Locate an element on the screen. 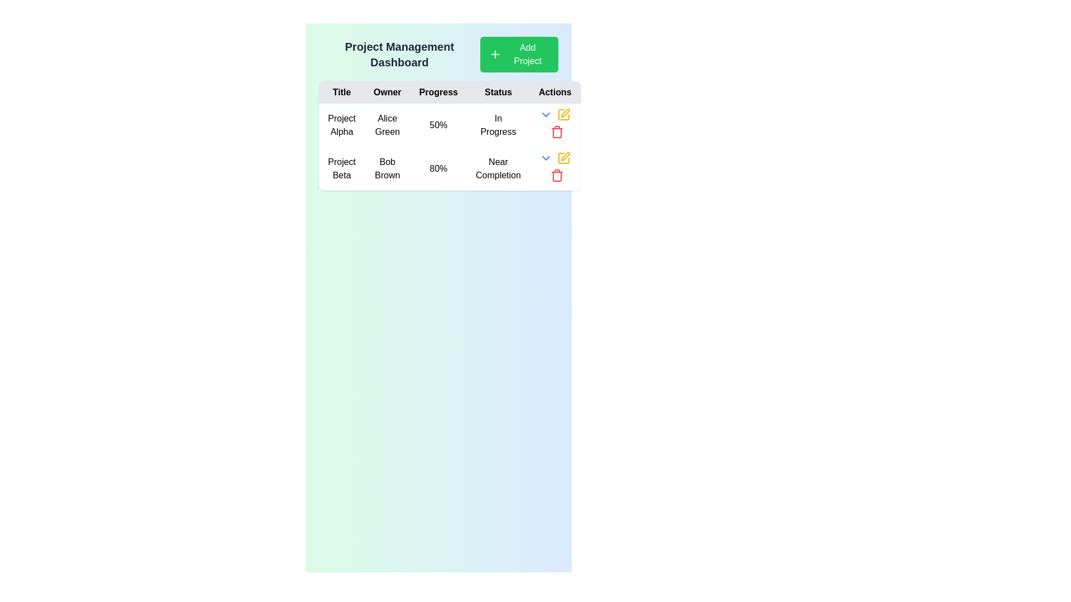 The width and height of the screenshot is (1071, 602). the blue downward arrow icon in the 'Actions' column of the second row for 'Project Beta' is located at coordinates (546, 158).